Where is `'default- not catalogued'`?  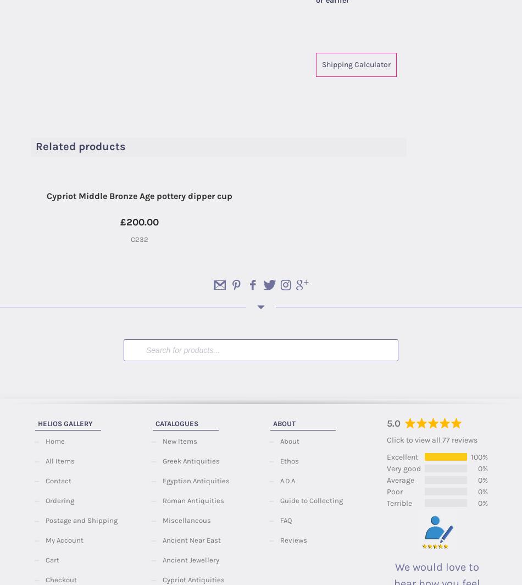
'default- not catalogued' is located at coordinates (382, 40).